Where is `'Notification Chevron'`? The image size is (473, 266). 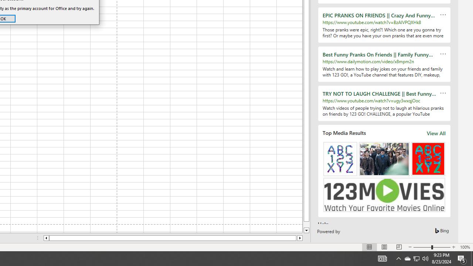
'Notification Chevron' is located at coordinates (398, 258).